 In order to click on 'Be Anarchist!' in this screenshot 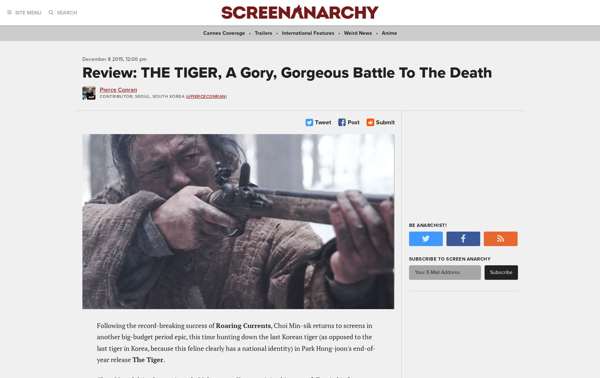, I will do `click(409, 225)`.